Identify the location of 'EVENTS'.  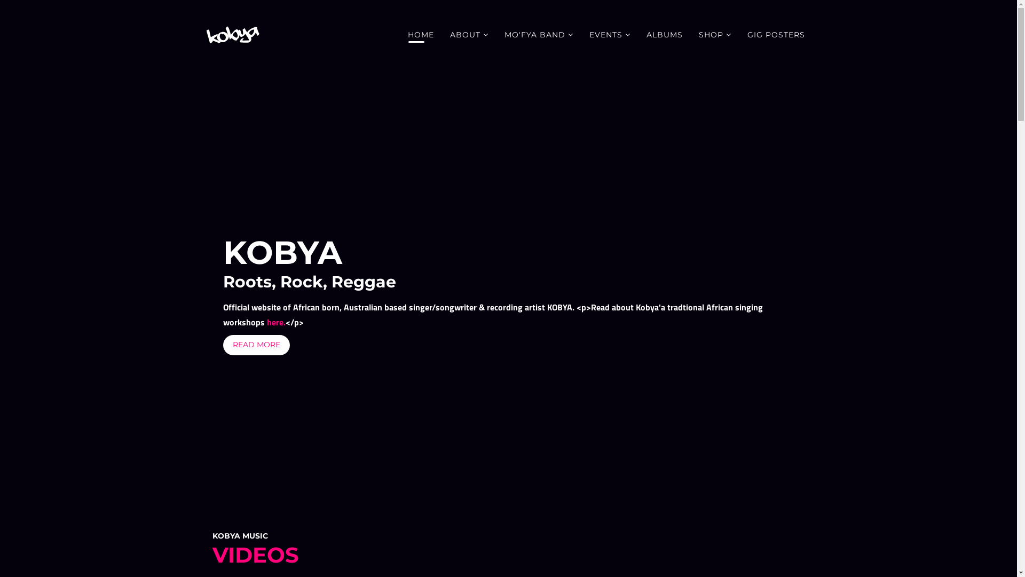
(580, 34).